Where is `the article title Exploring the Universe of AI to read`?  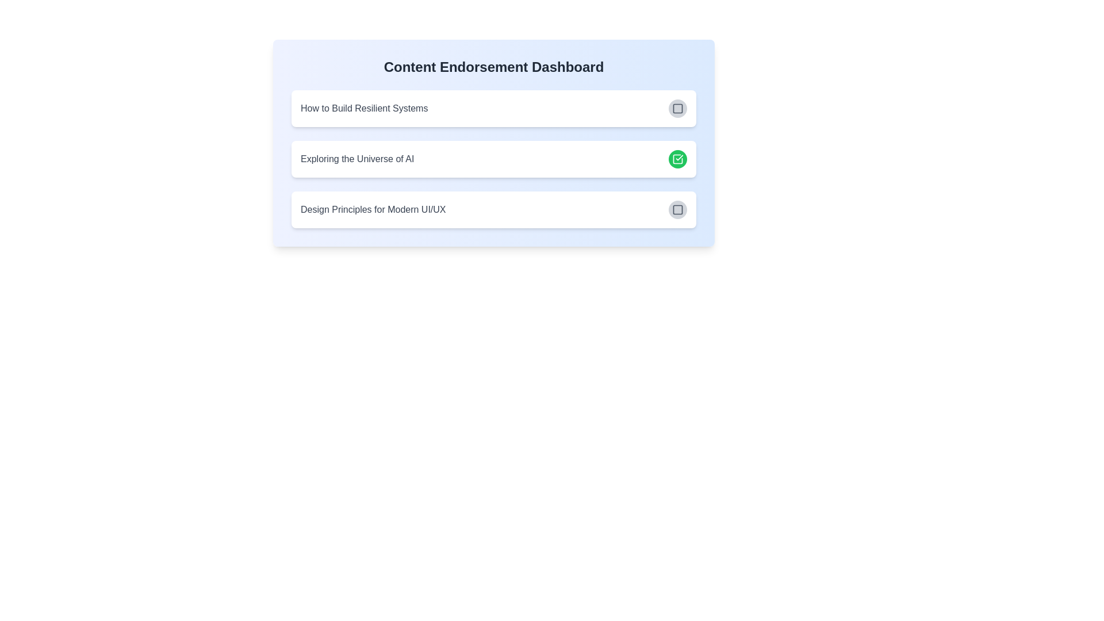
the article title Exploring the Universe of AI to read is located at coordinates (356, 159).